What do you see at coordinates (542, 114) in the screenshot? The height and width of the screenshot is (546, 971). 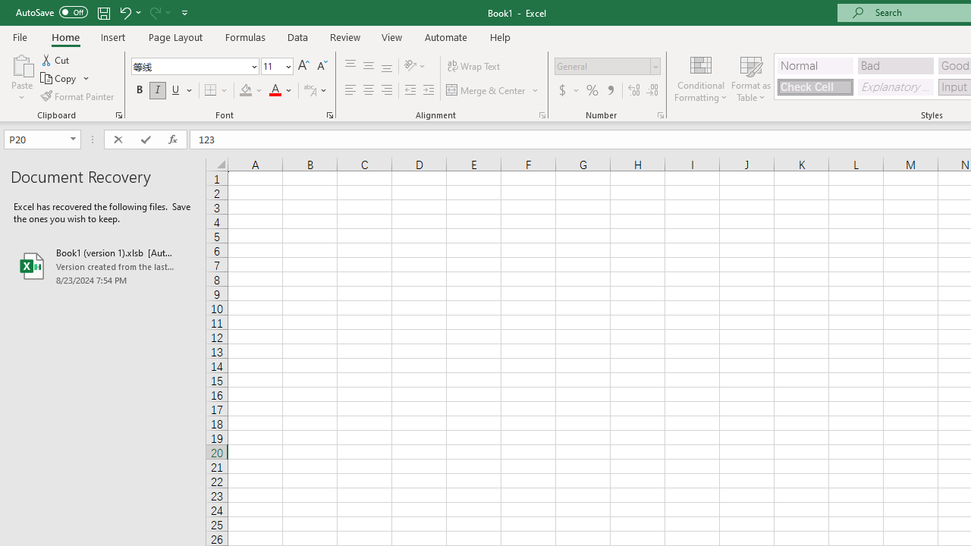 I see `'Format Cell Alignment'` at bounding box center [542, 114].